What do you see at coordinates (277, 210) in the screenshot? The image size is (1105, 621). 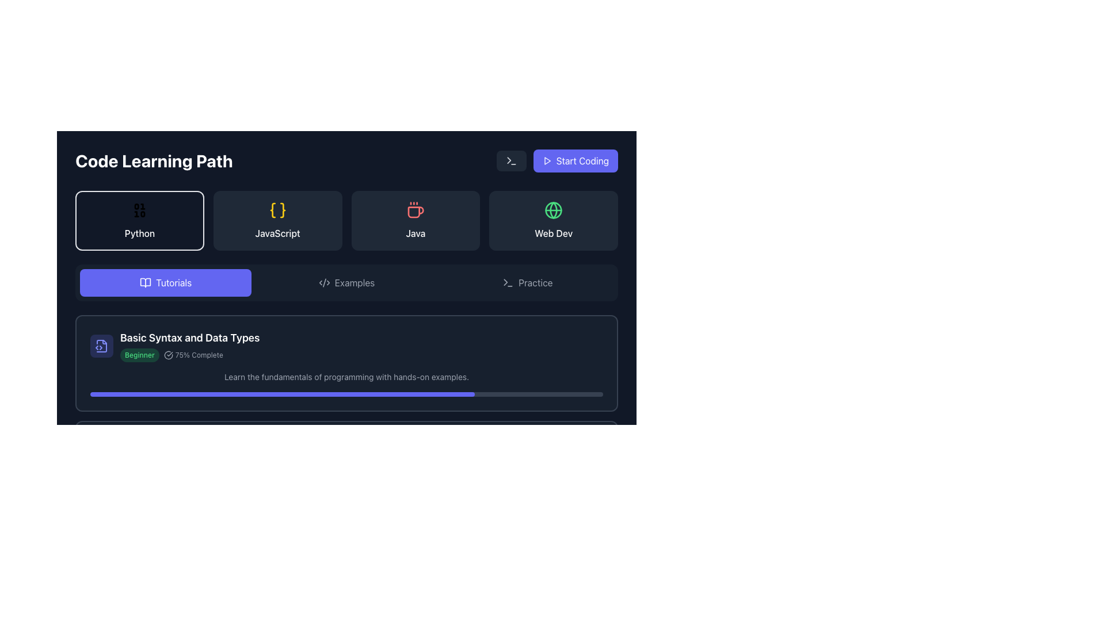 I see `the JavaScript icon, which is represented by a pair of yellow curly braces at the top center of the card labeled 'JavaScript.'` at bounding box center [277, 210].